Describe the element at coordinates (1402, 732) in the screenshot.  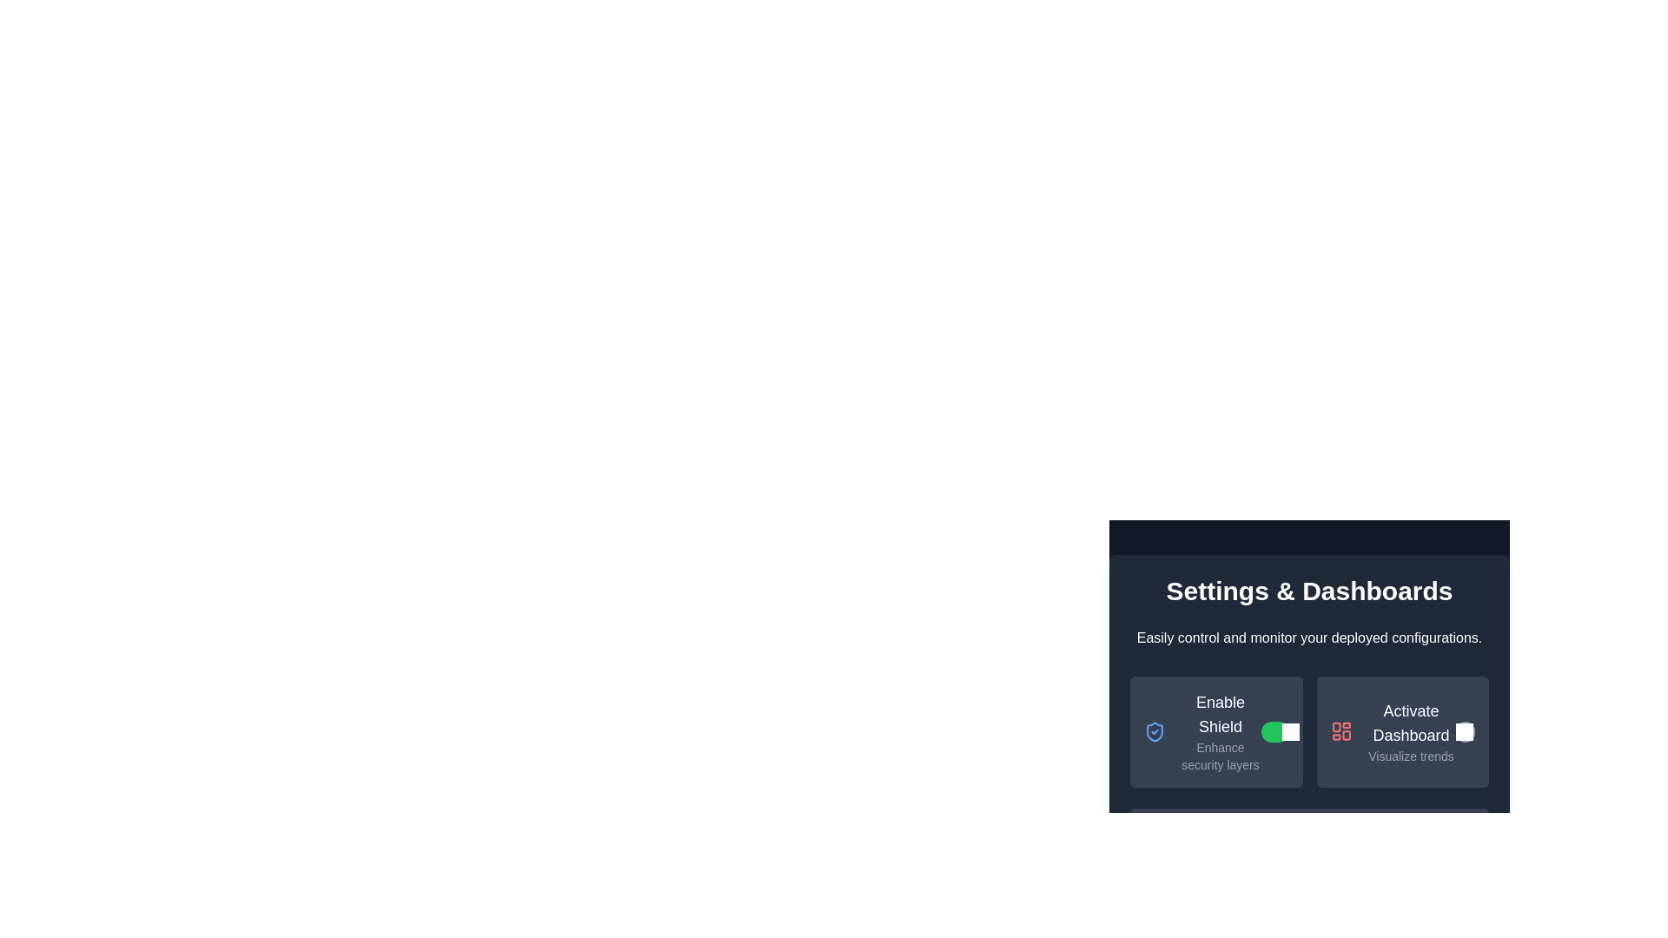
I see `the Control group with toggle switch for visualizing trends` at that location.